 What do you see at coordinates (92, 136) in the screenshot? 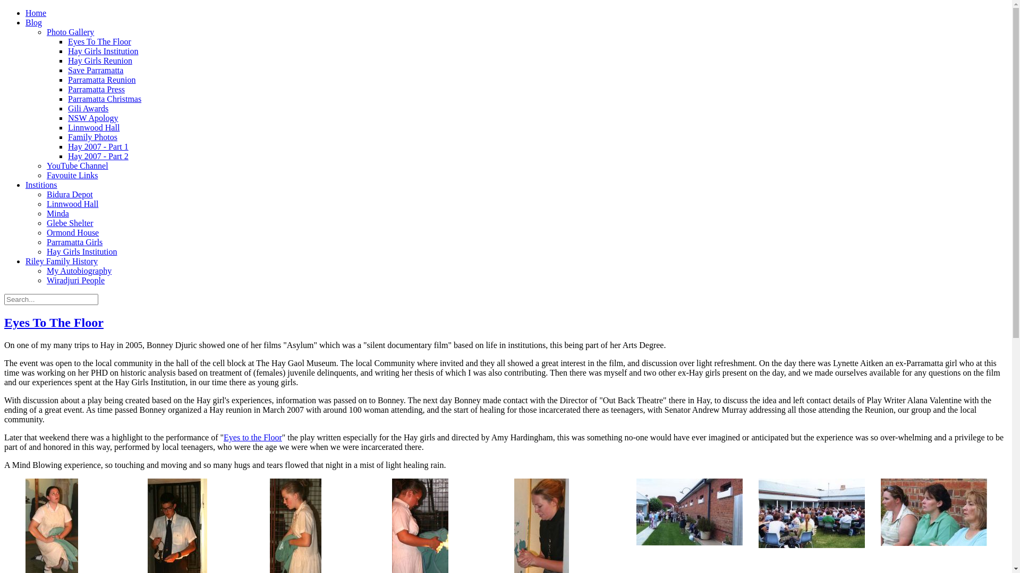
I see `'Family Photos'` at bounding box center [92, 136].